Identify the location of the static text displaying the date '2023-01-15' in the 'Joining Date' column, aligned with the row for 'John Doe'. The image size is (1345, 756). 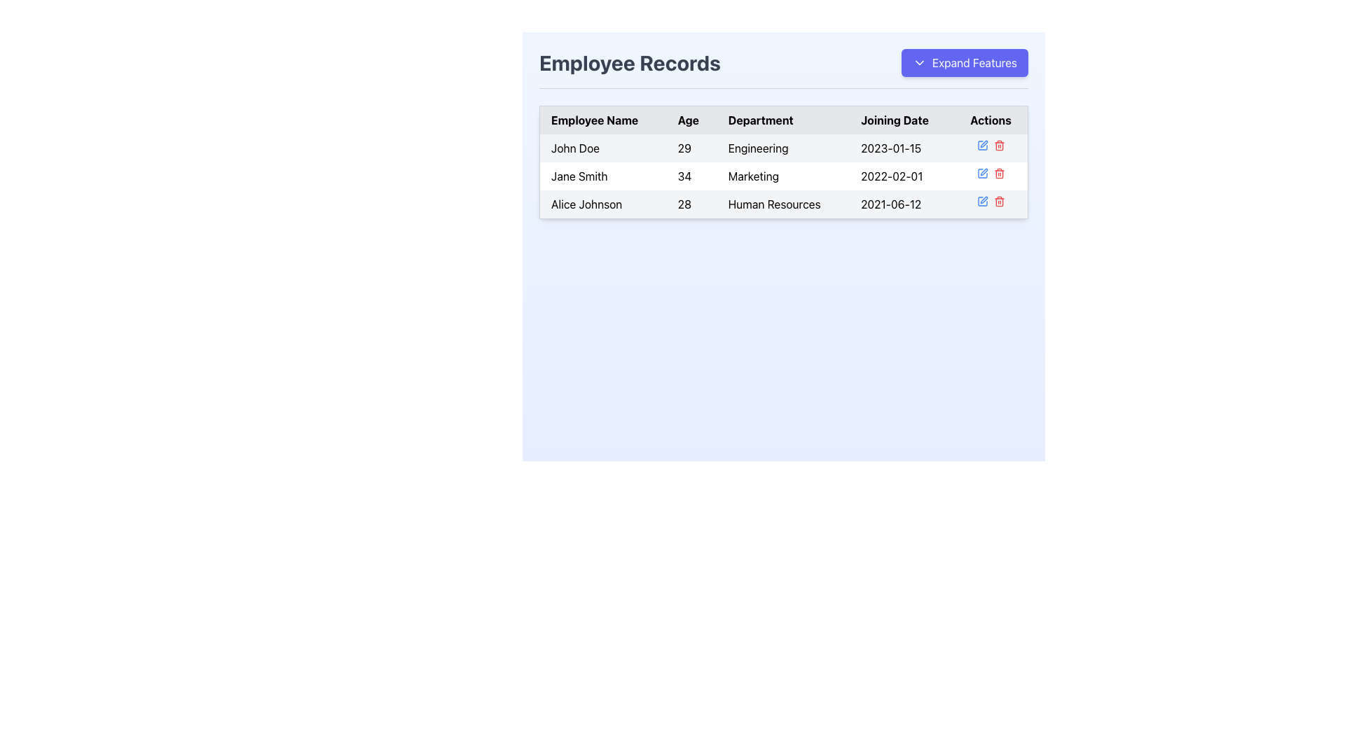
(902, 148).